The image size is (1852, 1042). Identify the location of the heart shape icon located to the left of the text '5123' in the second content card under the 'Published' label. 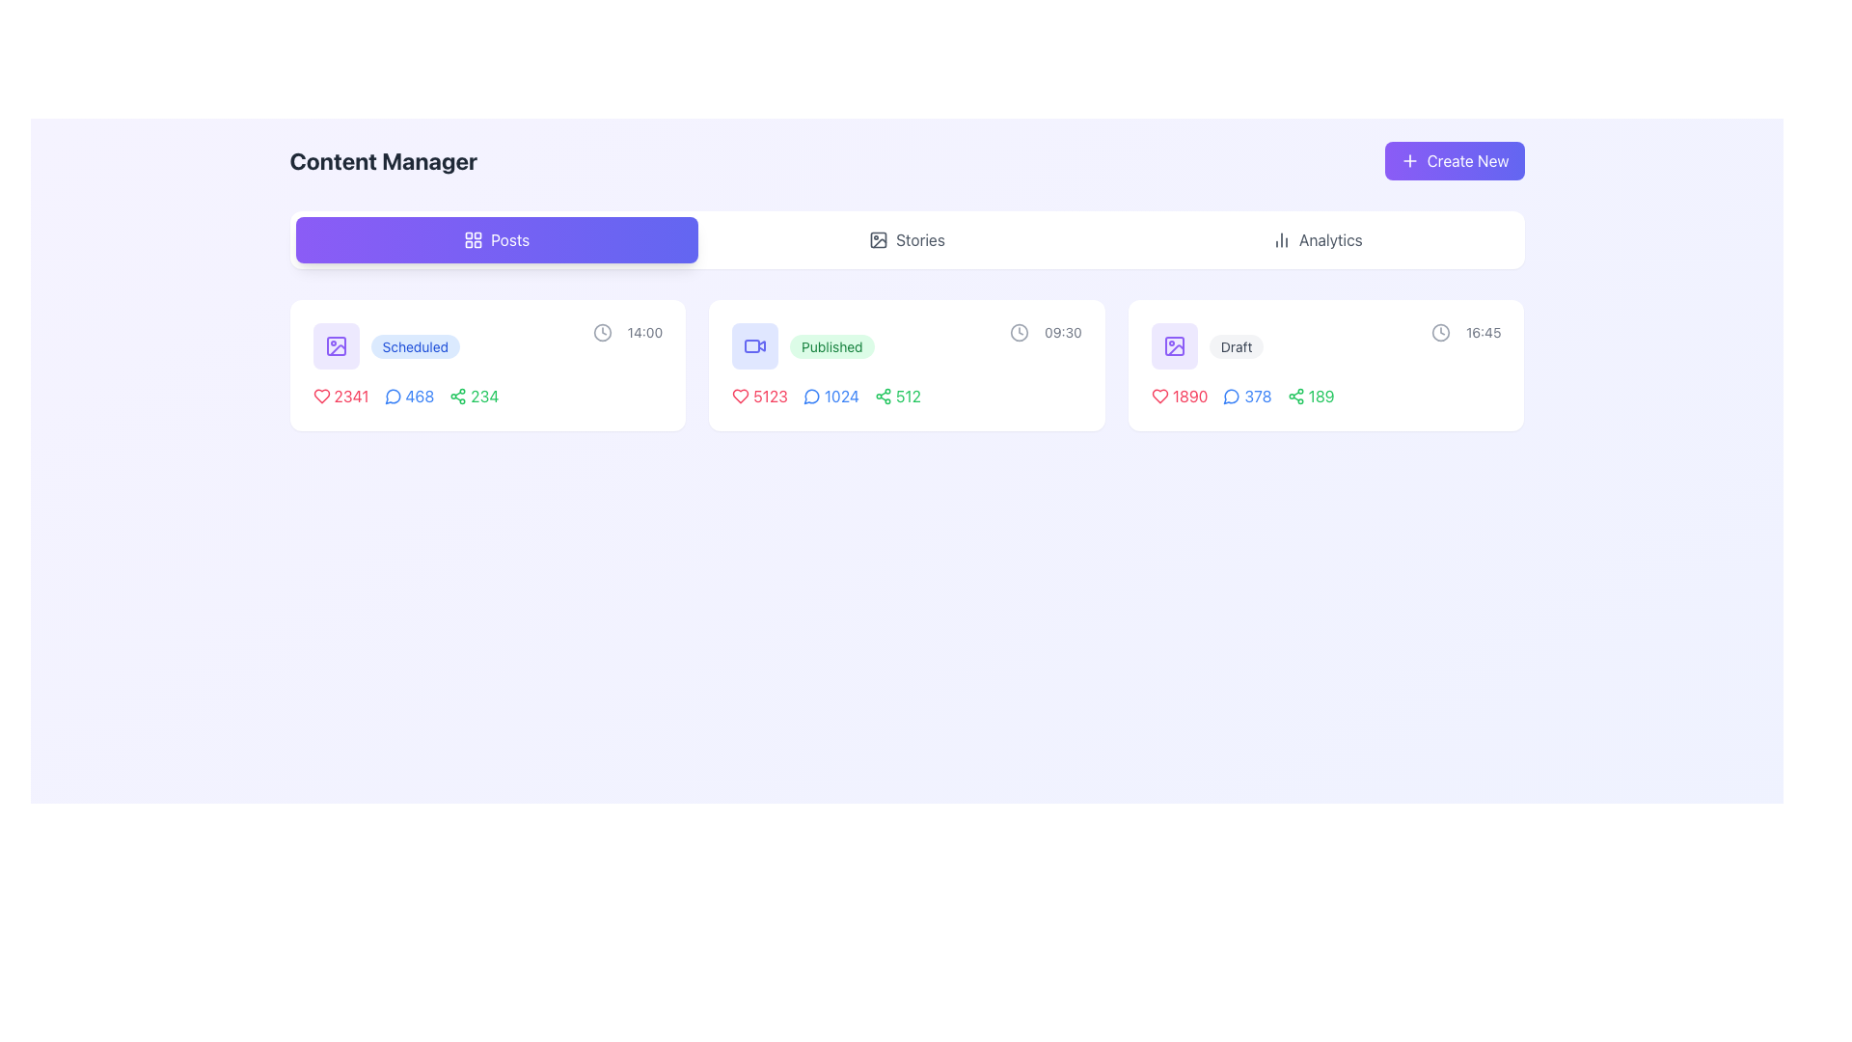
(740, 396).